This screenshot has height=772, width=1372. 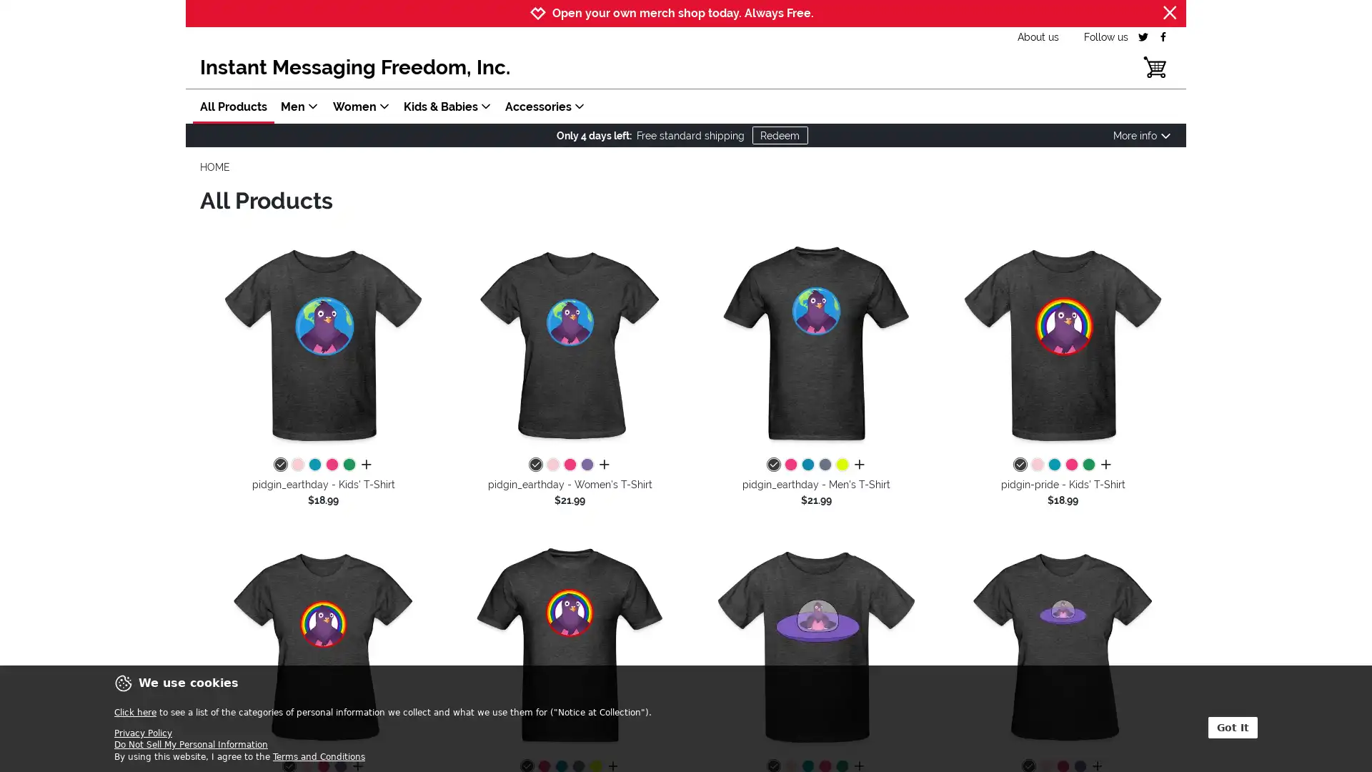 I want to click on pink, so click(x=297, y=465).